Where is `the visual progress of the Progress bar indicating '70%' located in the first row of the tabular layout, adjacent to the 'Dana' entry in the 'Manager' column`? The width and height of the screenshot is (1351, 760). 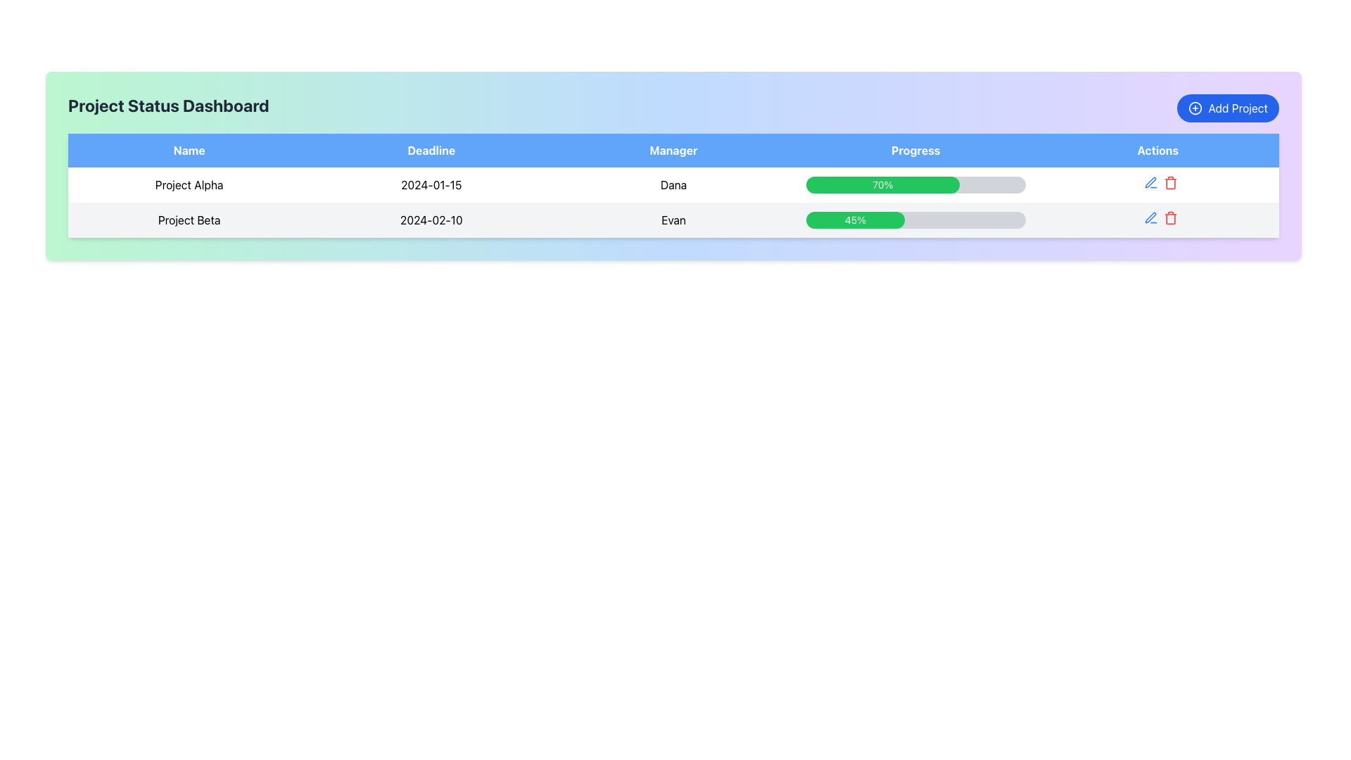 the visual progress of the Progress bar indicating '70%' located in the first row of the tabular layout, adjacent to the 'Dana' entry in the 'Manager' column is located at coordinates (915, 184).